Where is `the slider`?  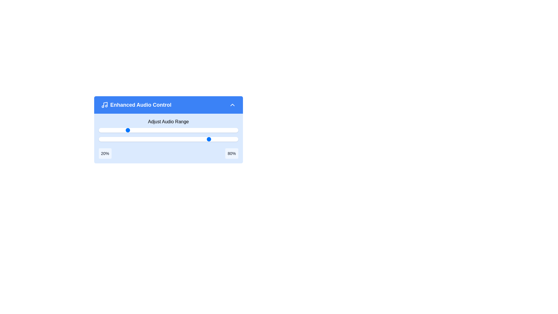
the slider is located at coordinates (179, 139).